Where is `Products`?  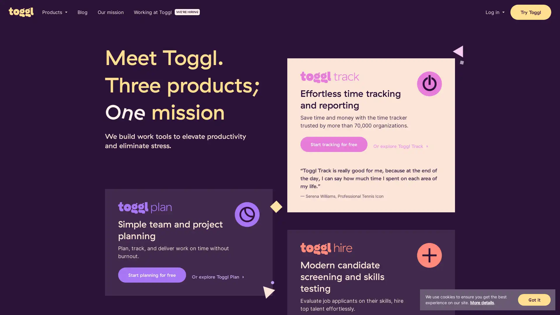 Products is located at coordinates (55, 12).